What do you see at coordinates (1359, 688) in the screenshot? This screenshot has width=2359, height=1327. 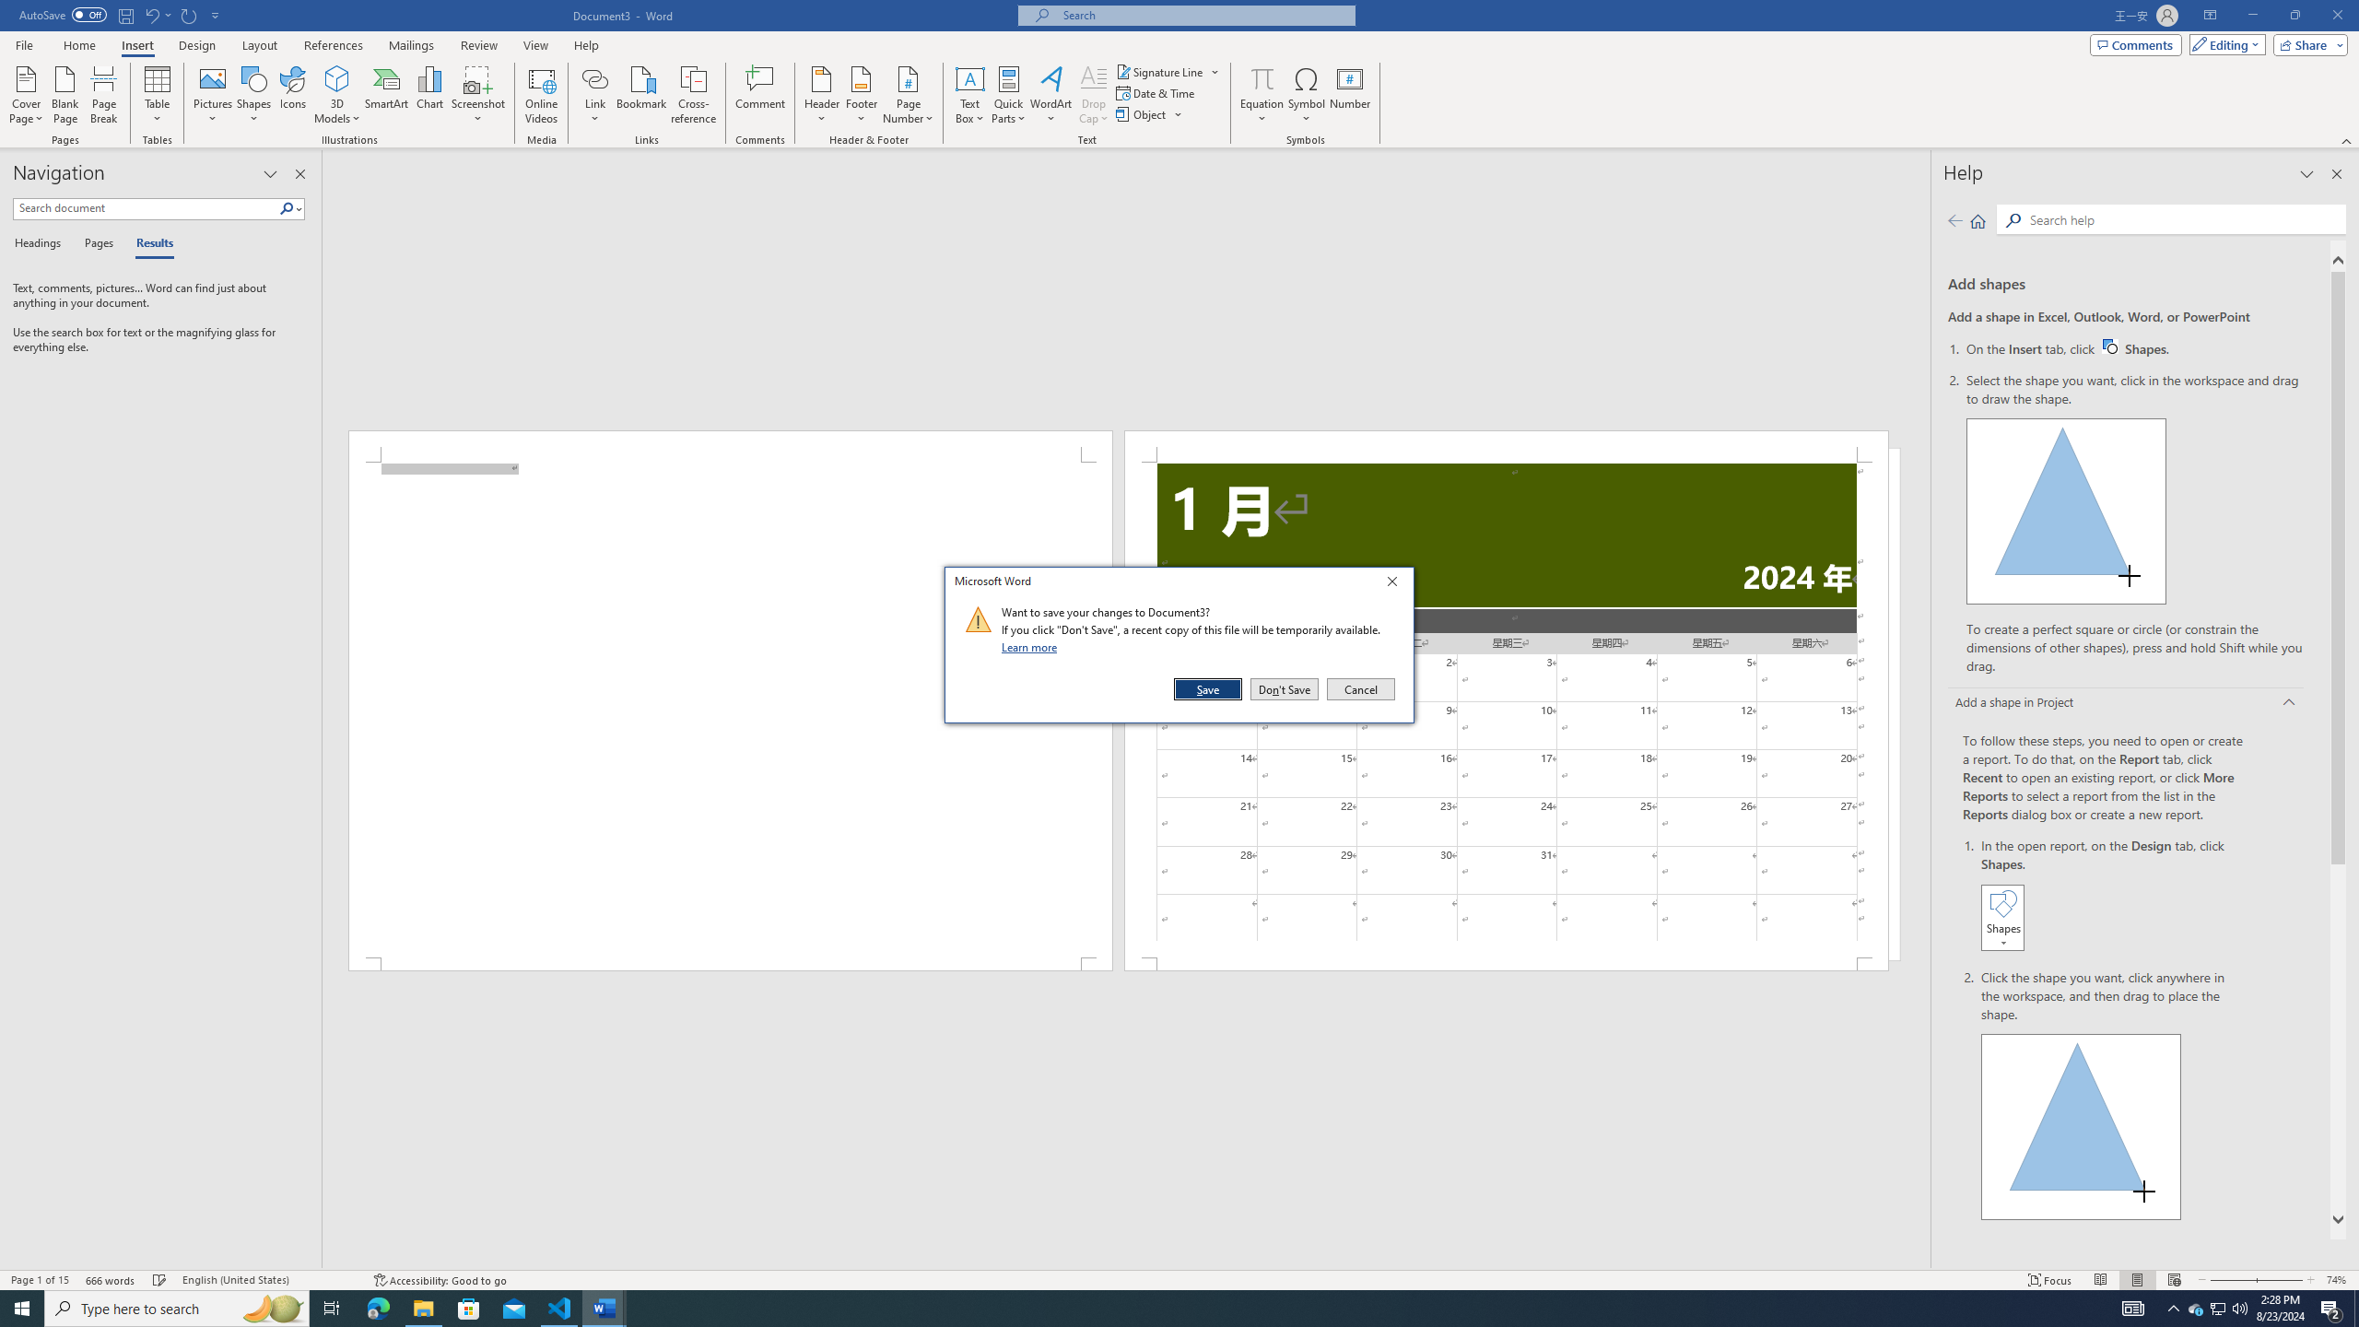 I see `'Cancel'` at bounding box center [1359, 688].